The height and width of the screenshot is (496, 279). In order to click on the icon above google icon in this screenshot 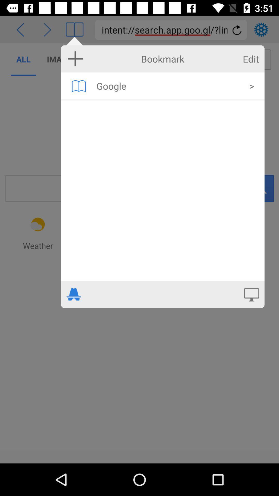, I will do `click(251, 59)`.